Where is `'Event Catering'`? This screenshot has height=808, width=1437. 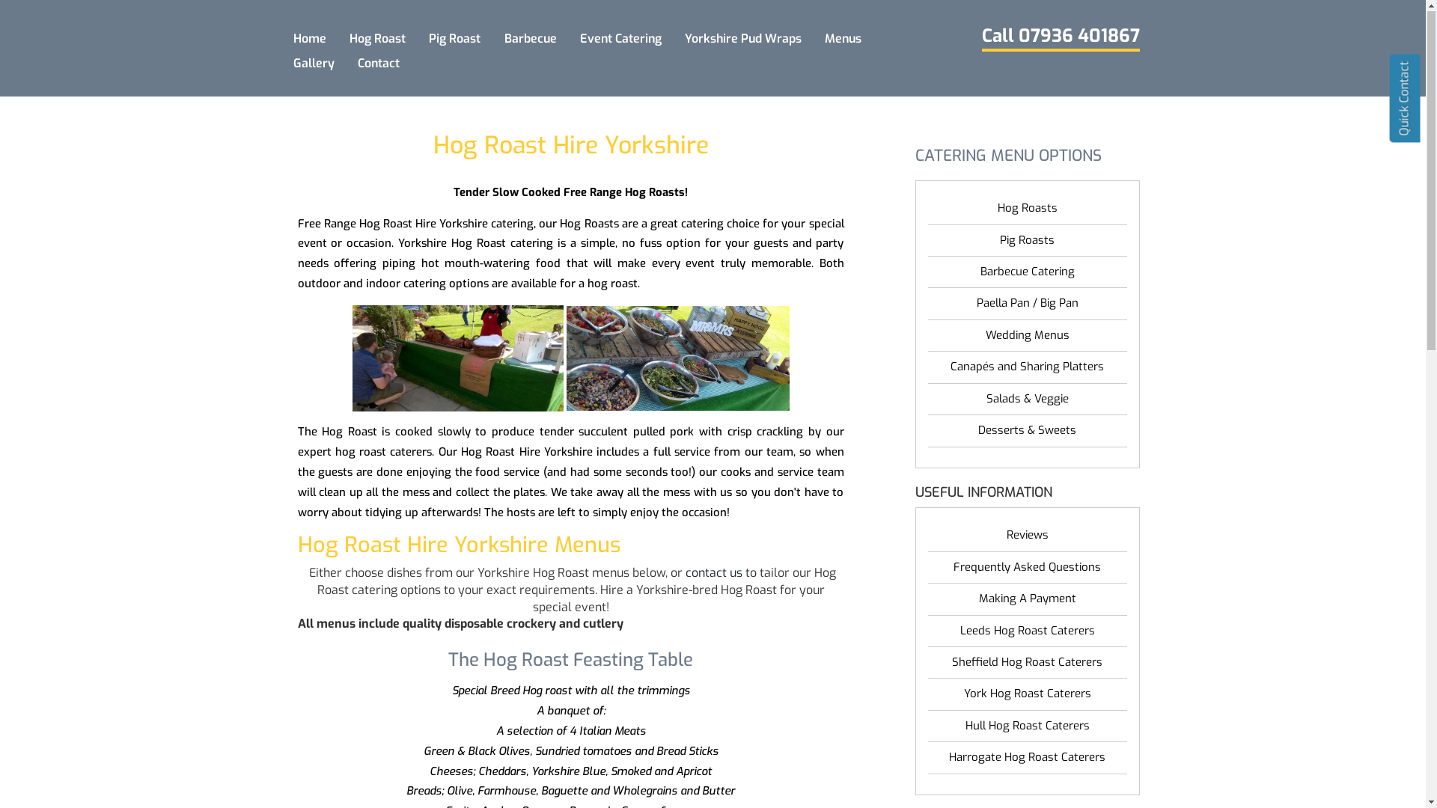
'Event Catering' is located at coordinates (571, 38).